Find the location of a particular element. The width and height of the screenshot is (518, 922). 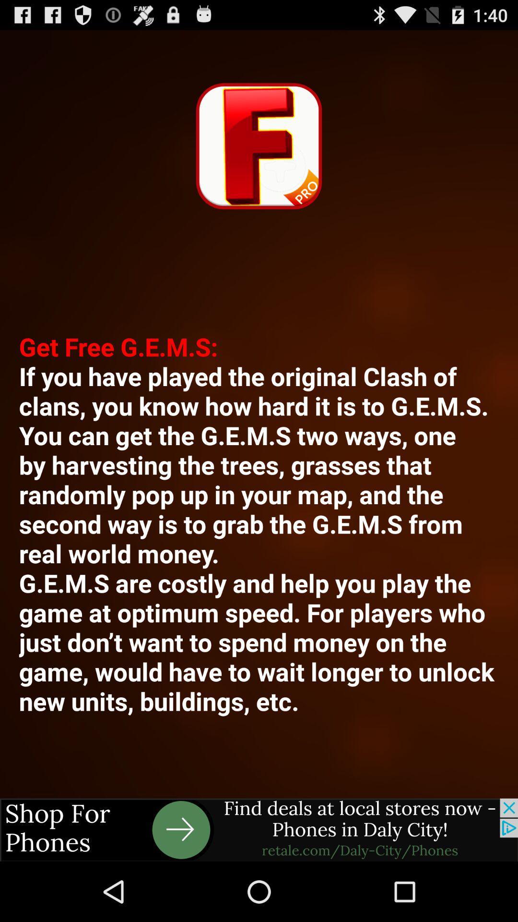

advertising is located at coordinates (259, 829).